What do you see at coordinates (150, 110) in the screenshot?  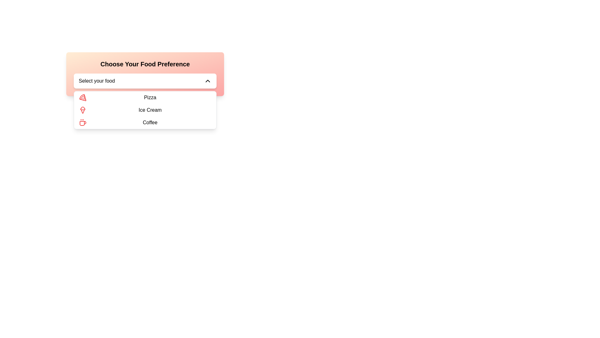 I see `the text label displaying 'Ice Cream', which is positioned in the second row of the dropdown menu beneath 'Choose Your Food Preference'` at bounding box center [150, 110].